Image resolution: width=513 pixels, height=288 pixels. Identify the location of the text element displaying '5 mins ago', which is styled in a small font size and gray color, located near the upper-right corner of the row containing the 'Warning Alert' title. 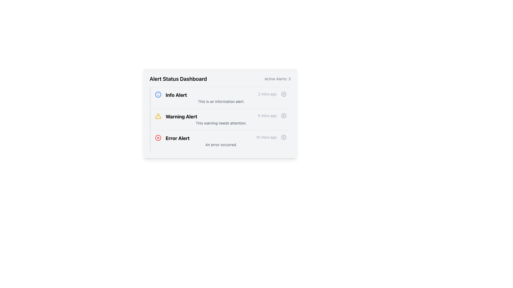
(267, 117).